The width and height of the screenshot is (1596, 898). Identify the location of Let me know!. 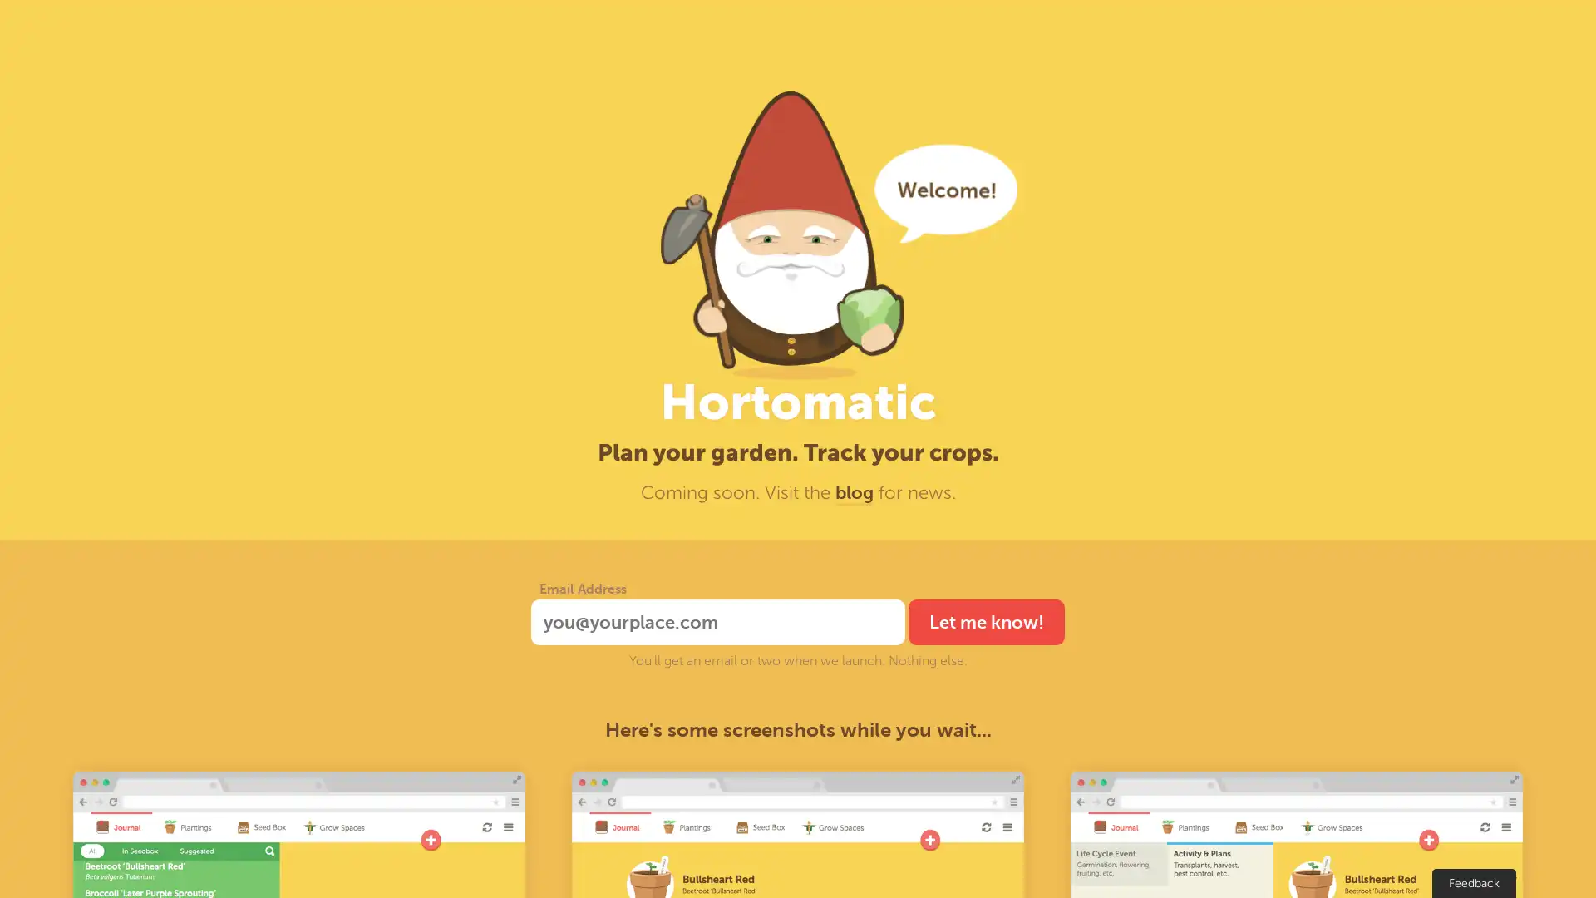
(986, 622).